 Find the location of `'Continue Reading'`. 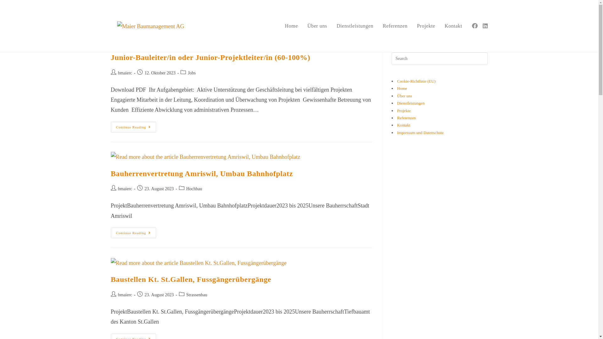

'Continue Reading' is located at coordinates (133, 127).